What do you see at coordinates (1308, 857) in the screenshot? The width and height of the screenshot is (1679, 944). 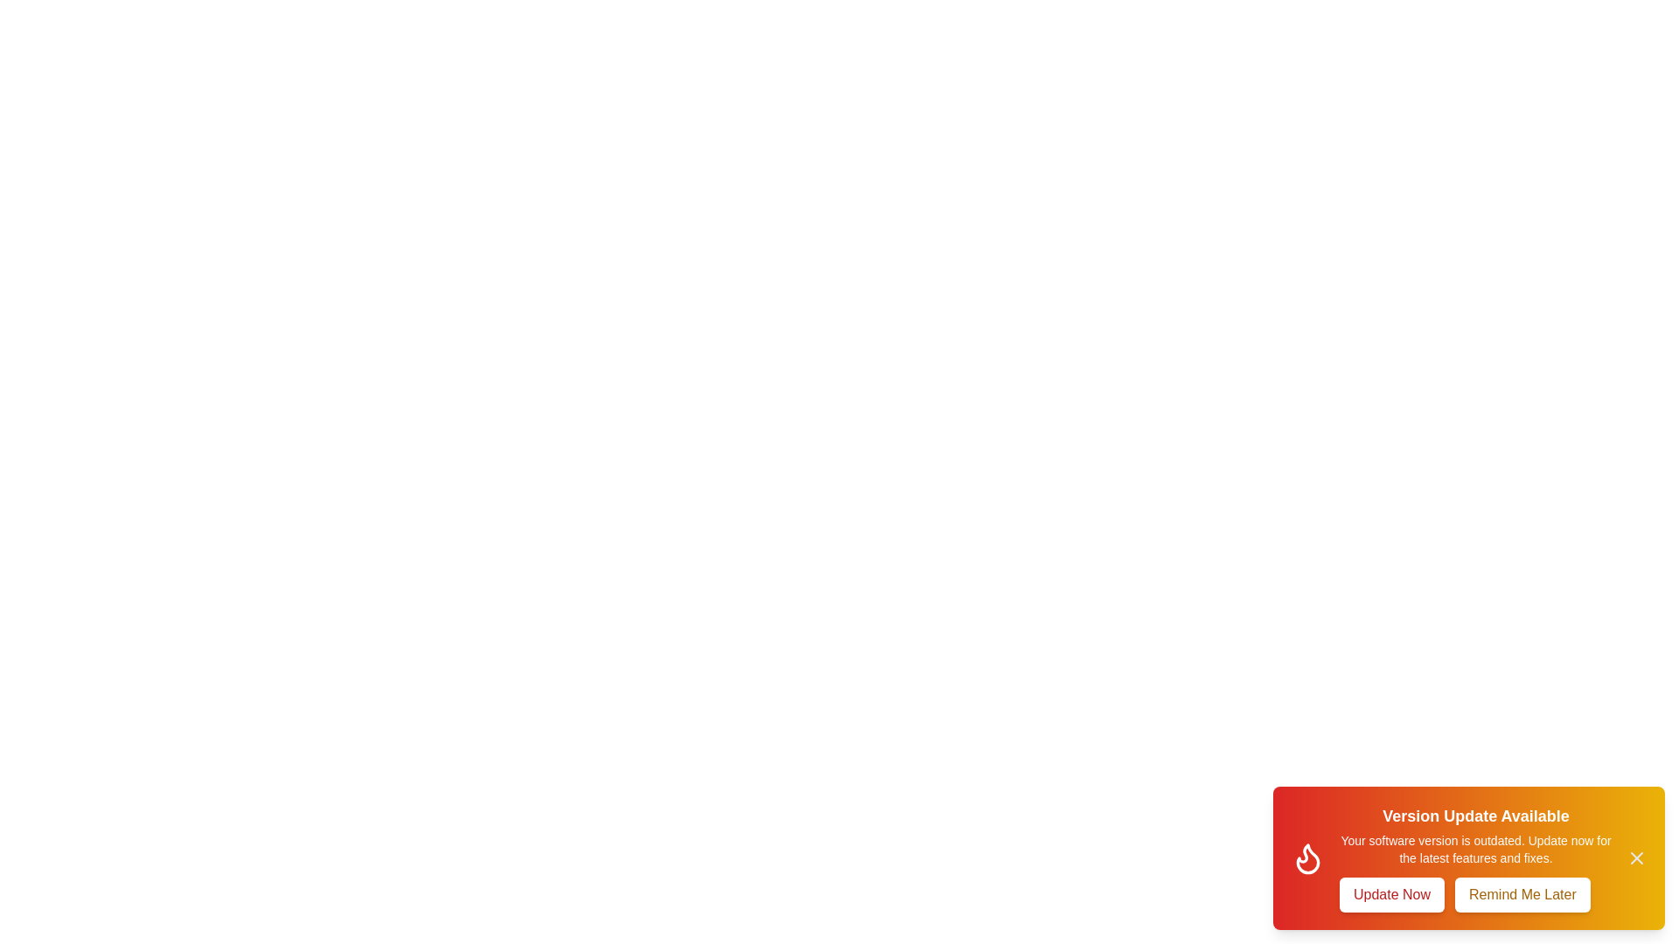 I see `the flame icon to focus on it` at bounding box center [1308, 857].